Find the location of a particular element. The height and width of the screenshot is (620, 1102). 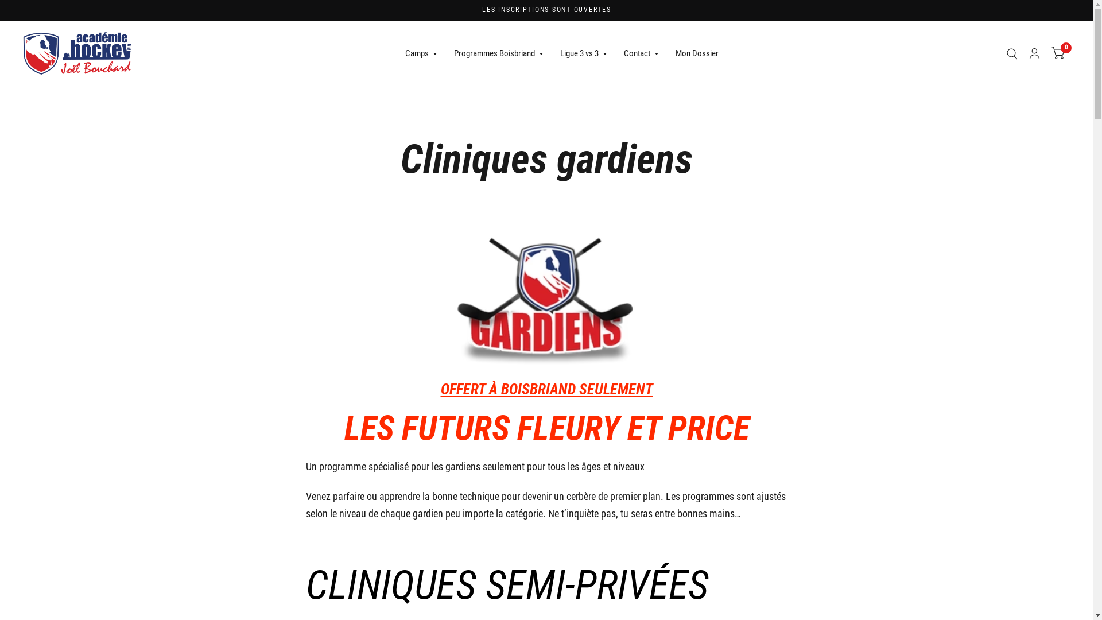

'Programmes Boisbriand' is located at coordinates (498, 53).